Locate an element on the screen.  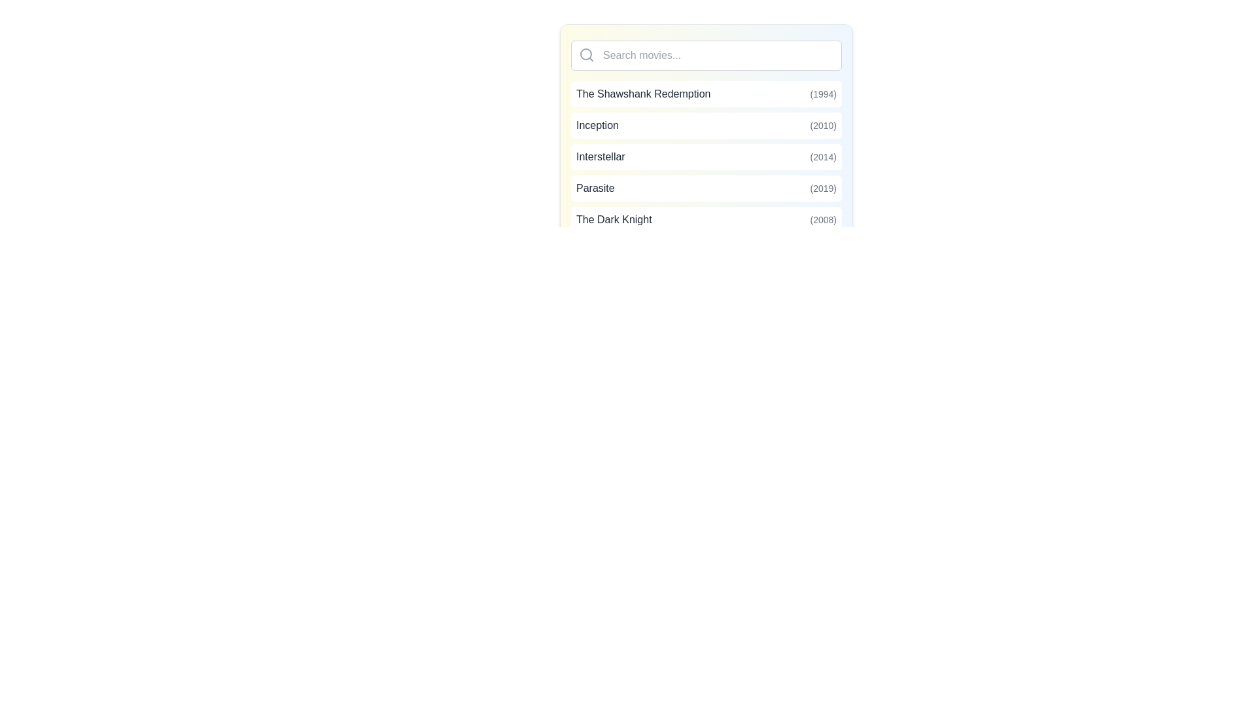
the circular component of the search icon, which has an 8-unit radius and is located to the left of the 'Search movies...' input field is located at coordinates (585, 54).